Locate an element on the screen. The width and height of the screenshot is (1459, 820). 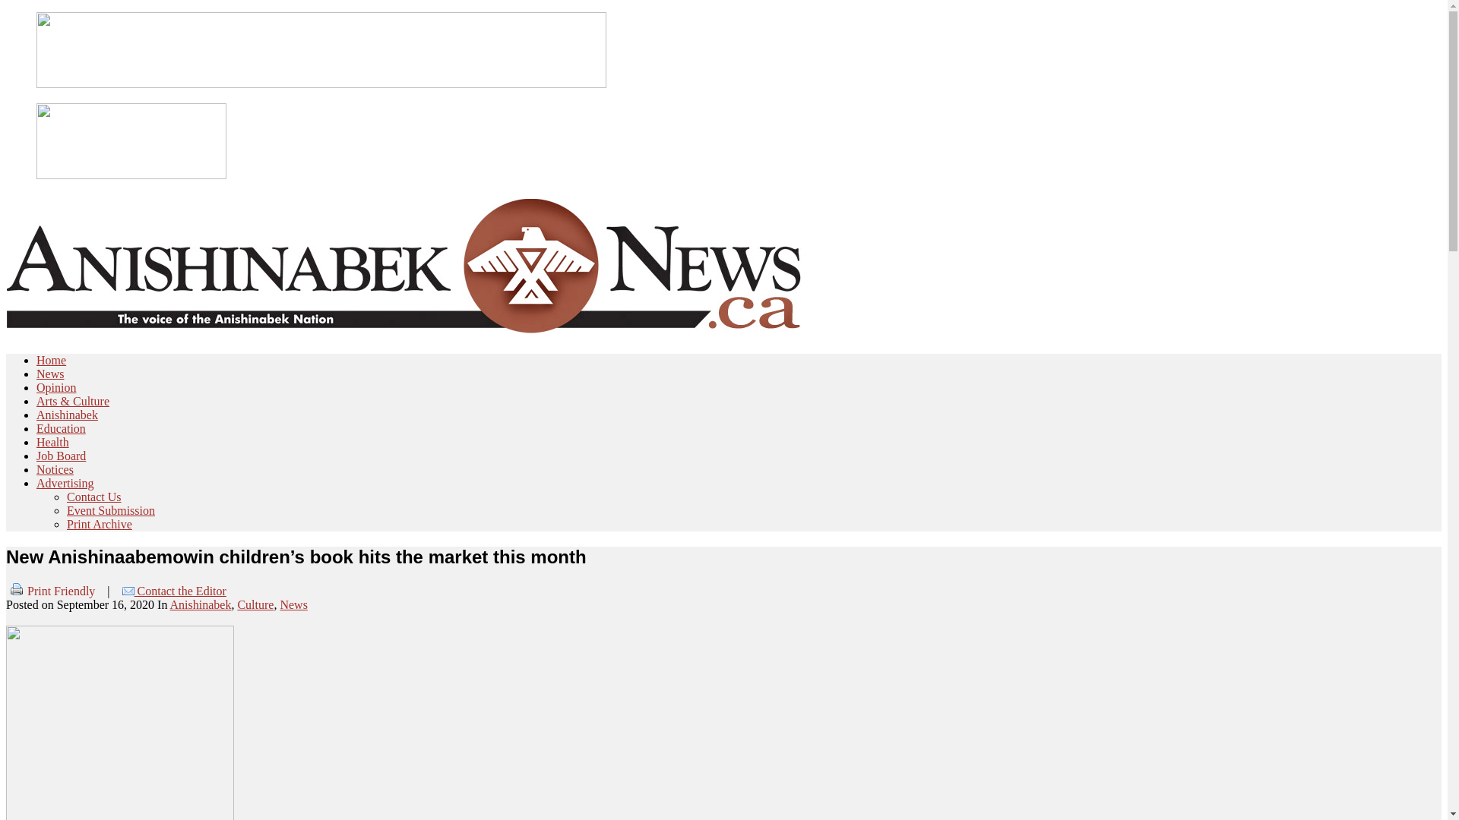
'Contact Us' is located at coordinates (93, 497).